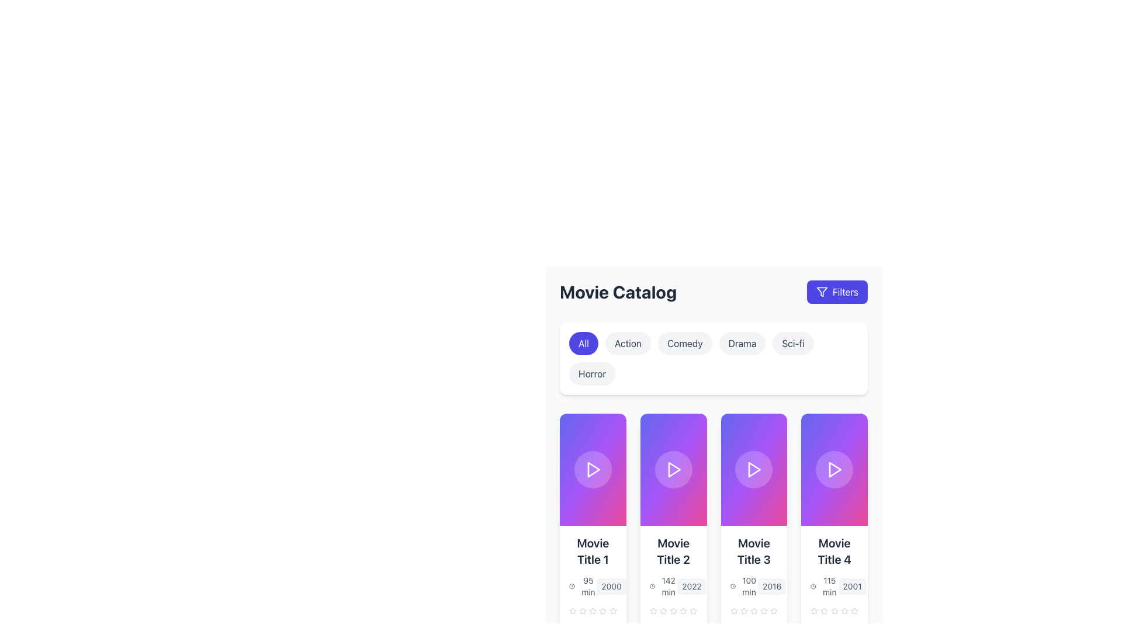 The height and width of the screenshot is (631, 1122). Describe the element at coordinates (663, 586) in the screenshot. I see `the label displaying '142 min' which indicates the duration of 'Movie Title 2', located beneath the movie title and to the left of the year '2022'` at that location.